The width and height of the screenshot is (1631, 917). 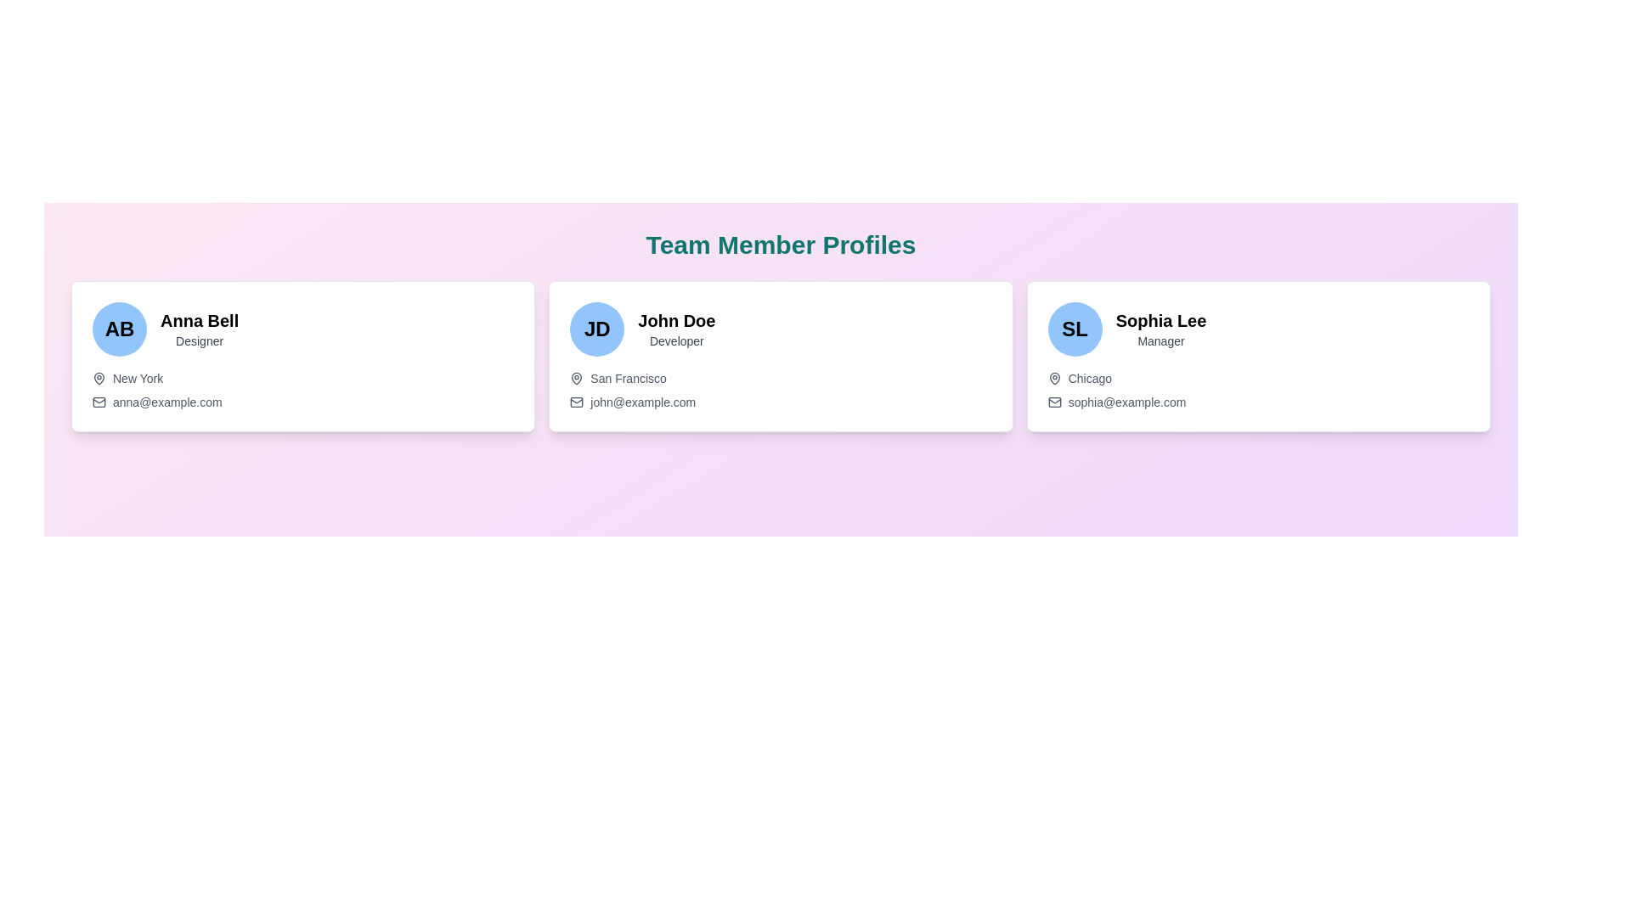 I want to click on the avatar representing the user 'John Doe' located at the top-left corner of the profile card, which displays his initials, so click(x=597, y=329).